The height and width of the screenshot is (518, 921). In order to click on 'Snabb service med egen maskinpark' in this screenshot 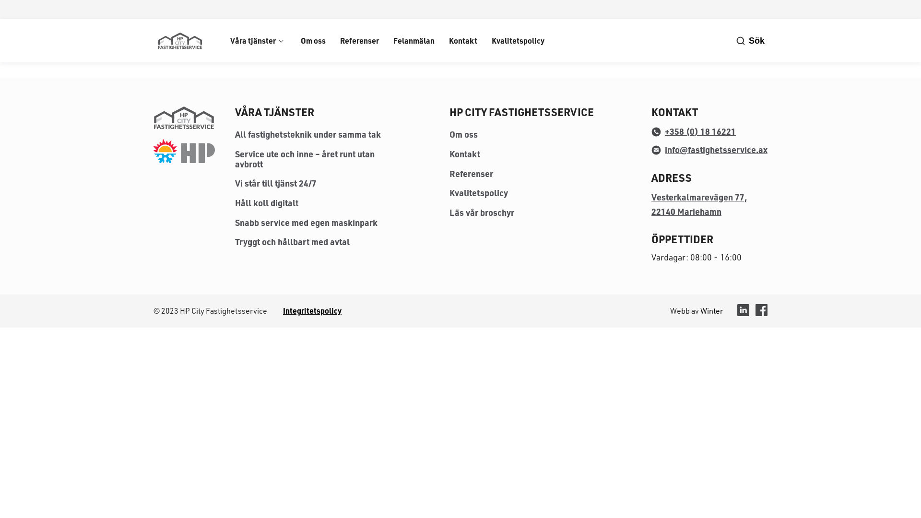, I will do `click(235, 222)`.